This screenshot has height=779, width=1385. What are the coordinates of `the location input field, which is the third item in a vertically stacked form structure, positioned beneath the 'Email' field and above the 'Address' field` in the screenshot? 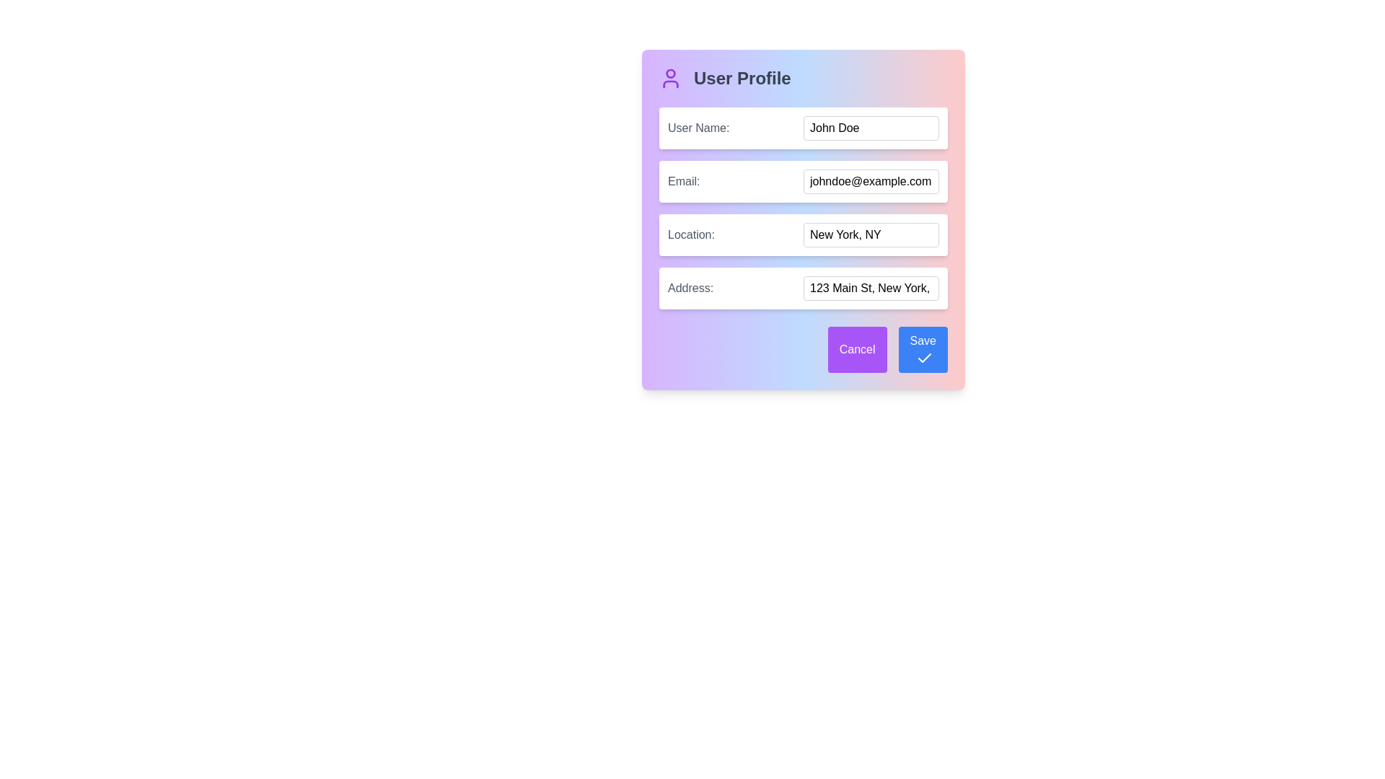 It's located at (802, 234).